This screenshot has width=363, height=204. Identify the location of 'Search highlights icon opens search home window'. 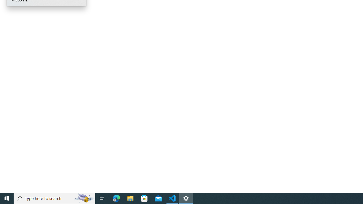
(83, 198).